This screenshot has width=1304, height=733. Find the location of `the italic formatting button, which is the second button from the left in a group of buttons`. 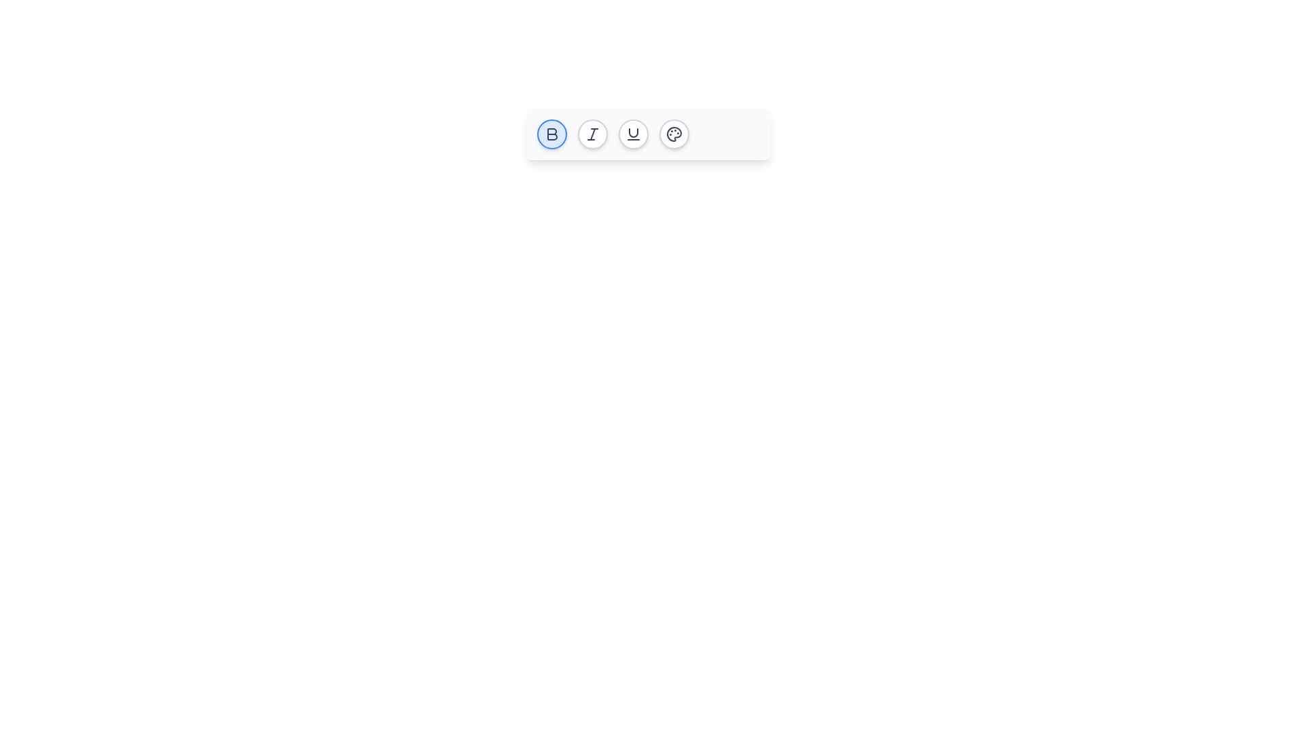

the italic formatting button, which is the second button from the left in a group of buttons is located at coordinates (593, 134).